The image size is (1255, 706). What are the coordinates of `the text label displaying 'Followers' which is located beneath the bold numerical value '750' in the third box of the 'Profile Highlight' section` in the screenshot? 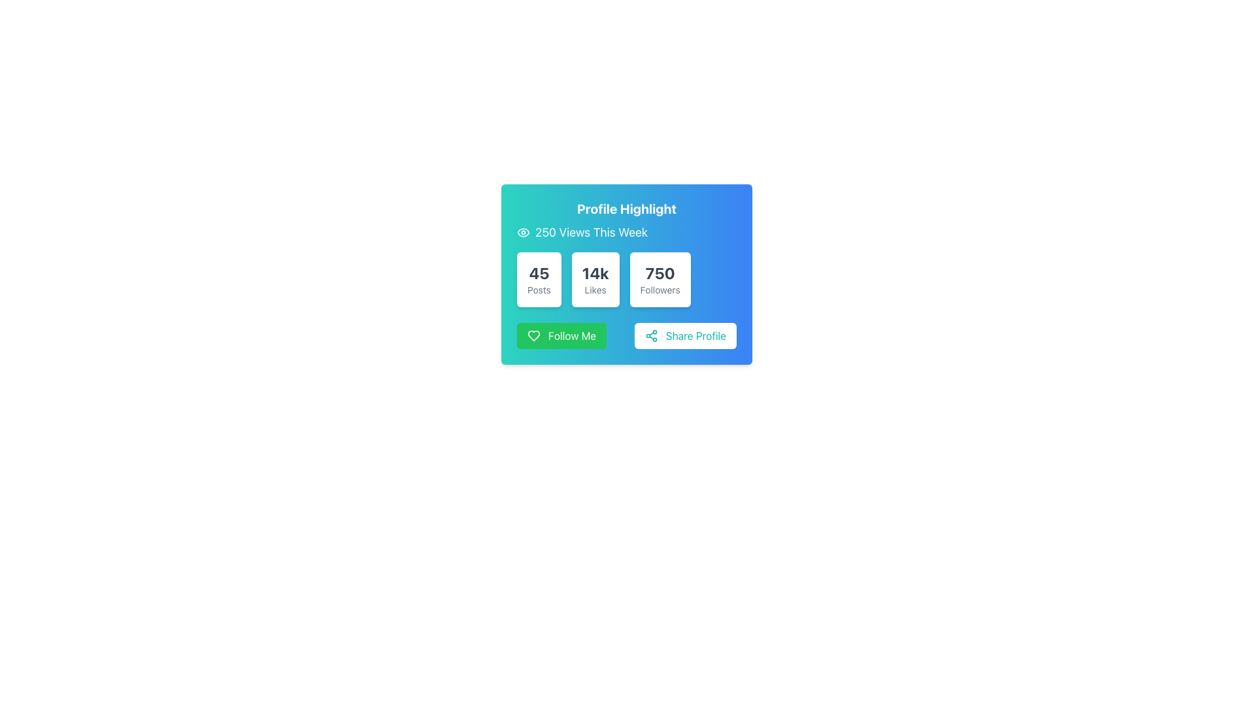 It's located at (660, 289).